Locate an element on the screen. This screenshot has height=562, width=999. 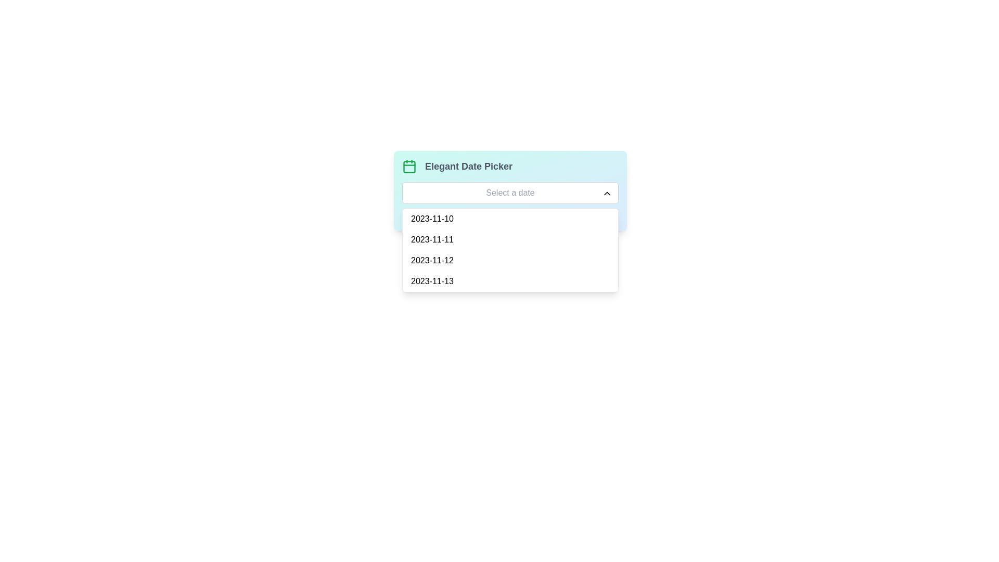
the first option in the dropdown menu titled 'Elegant Date Picker' is located at coordinates (510, 218).